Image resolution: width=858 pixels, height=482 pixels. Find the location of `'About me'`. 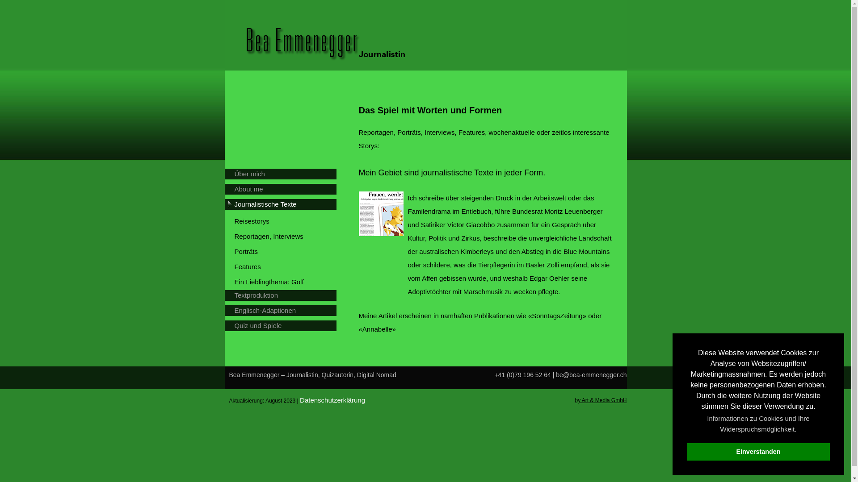

'About me' is located at coordinates (283, 189).